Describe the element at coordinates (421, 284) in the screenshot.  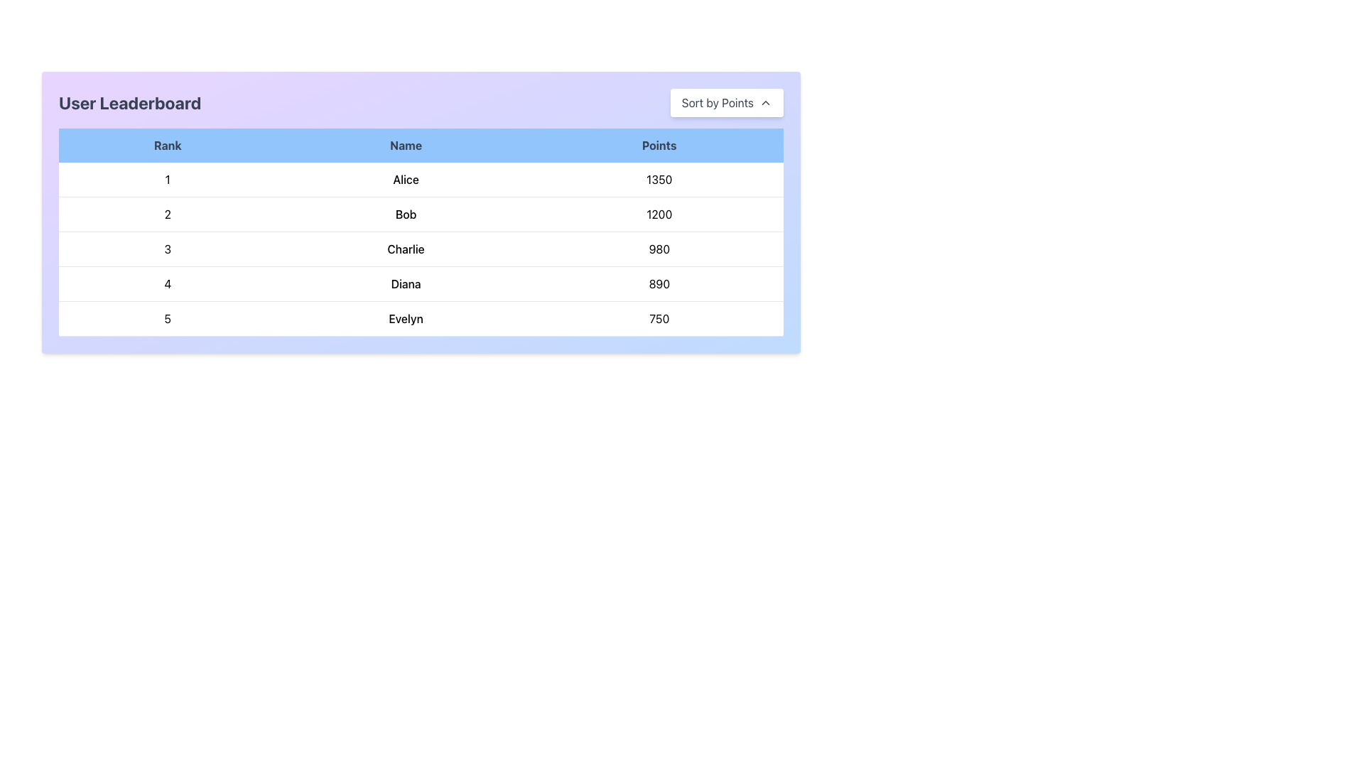
I see `the individual's name in the fourth row of the leaderboard table, which displays the user's ranking, name, and points` at that location.